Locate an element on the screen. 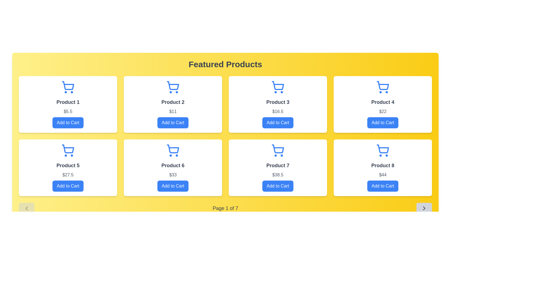  the text label displaying the price '$27.5' located below the title 'Product 5' and above the 'Add to Cart' button is located at coordinates (67, 174).